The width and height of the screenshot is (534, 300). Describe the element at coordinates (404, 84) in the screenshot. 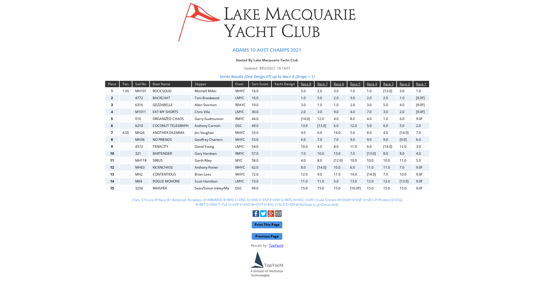

I see `'Race 2'` at that location.